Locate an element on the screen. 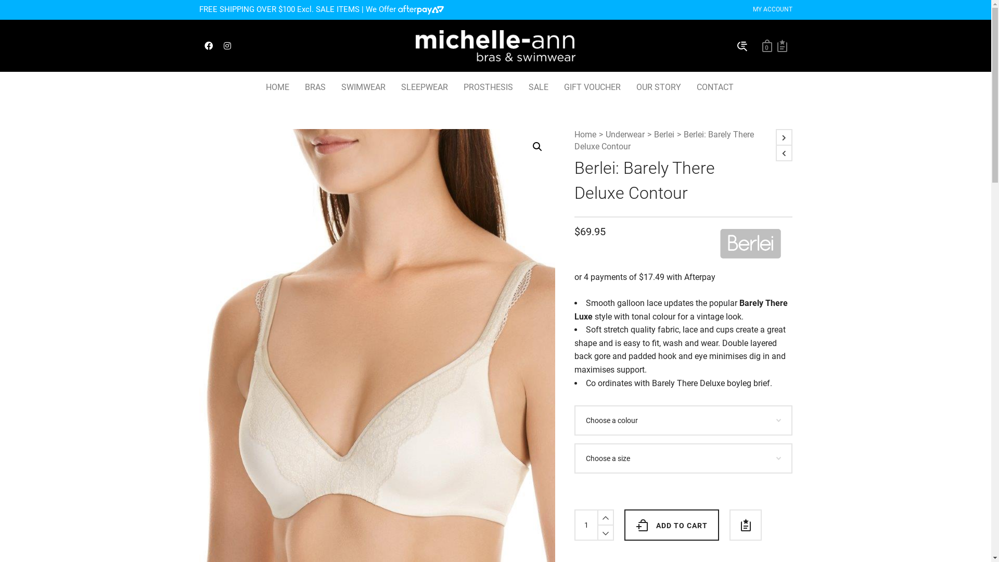  'CONTACT' is located at coordinates (714, 87).